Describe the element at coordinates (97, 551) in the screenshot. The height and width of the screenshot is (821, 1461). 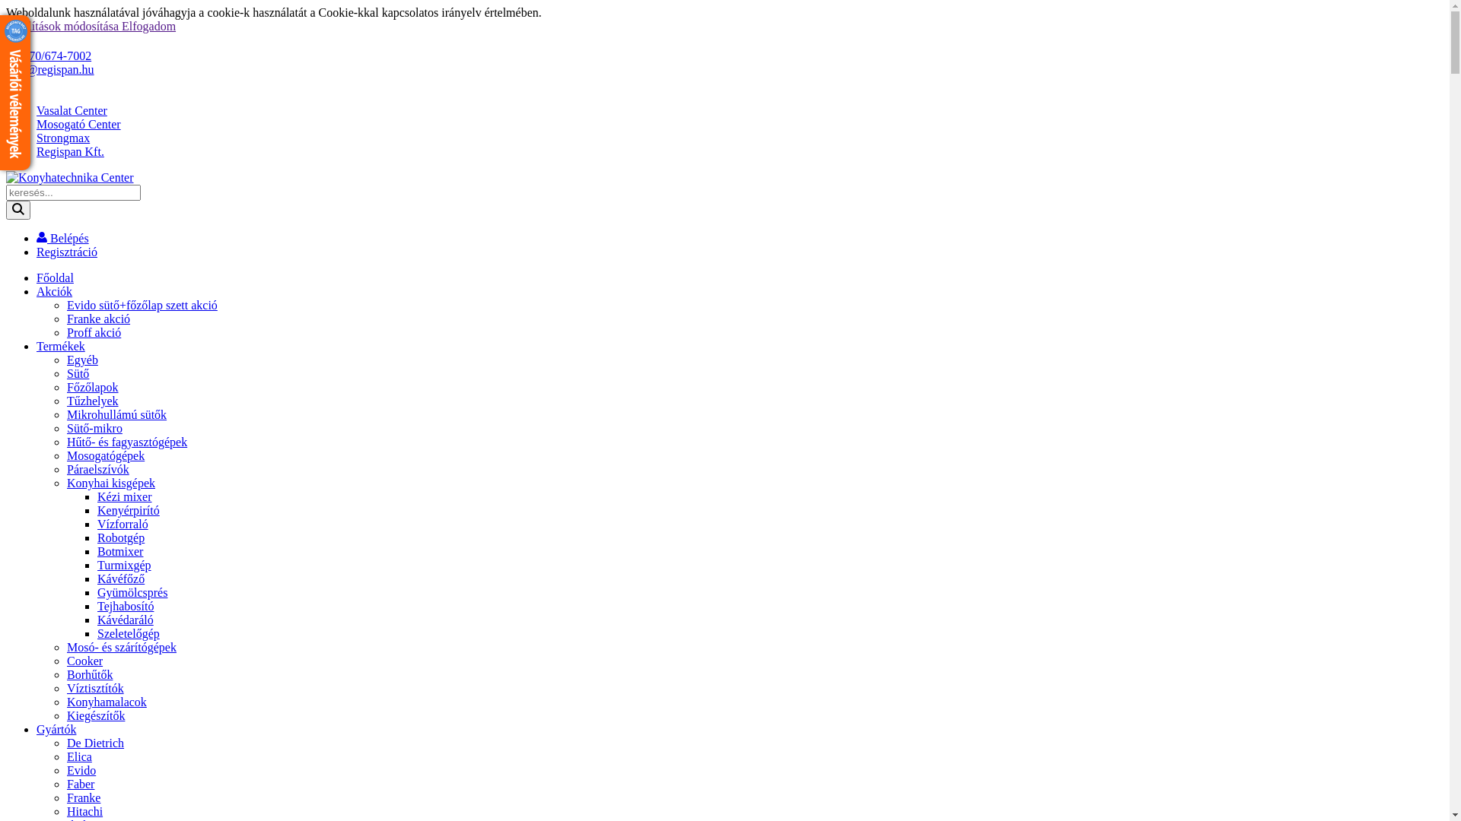
I see `'Botmixer'` at that location.